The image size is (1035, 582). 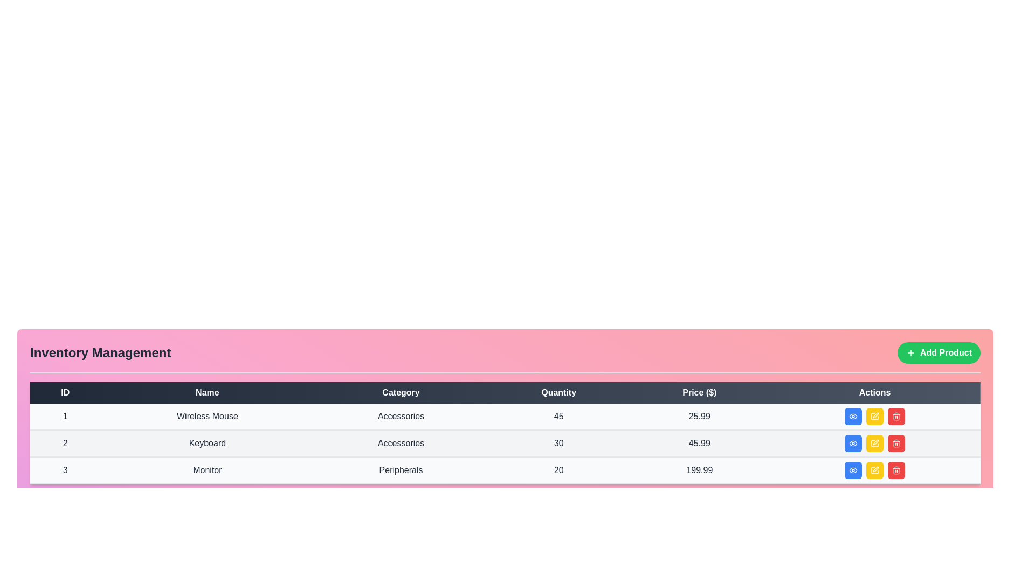 What do you see at coordinates (896, 415) in the screenshot?
I see `the delete icon button located in the 'Actions' column of the 'Monitor' product row` at bounding box center [896, 415].